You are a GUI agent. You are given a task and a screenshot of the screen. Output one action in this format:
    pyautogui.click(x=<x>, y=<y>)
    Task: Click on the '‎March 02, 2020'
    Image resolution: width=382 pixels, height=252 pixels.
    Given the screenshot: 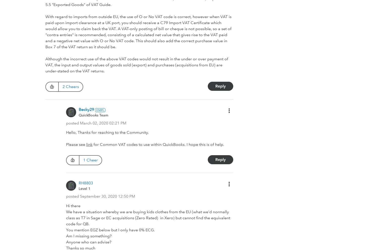 What is the action you would take?
    pyautogui.click(x=94, y=122)
    